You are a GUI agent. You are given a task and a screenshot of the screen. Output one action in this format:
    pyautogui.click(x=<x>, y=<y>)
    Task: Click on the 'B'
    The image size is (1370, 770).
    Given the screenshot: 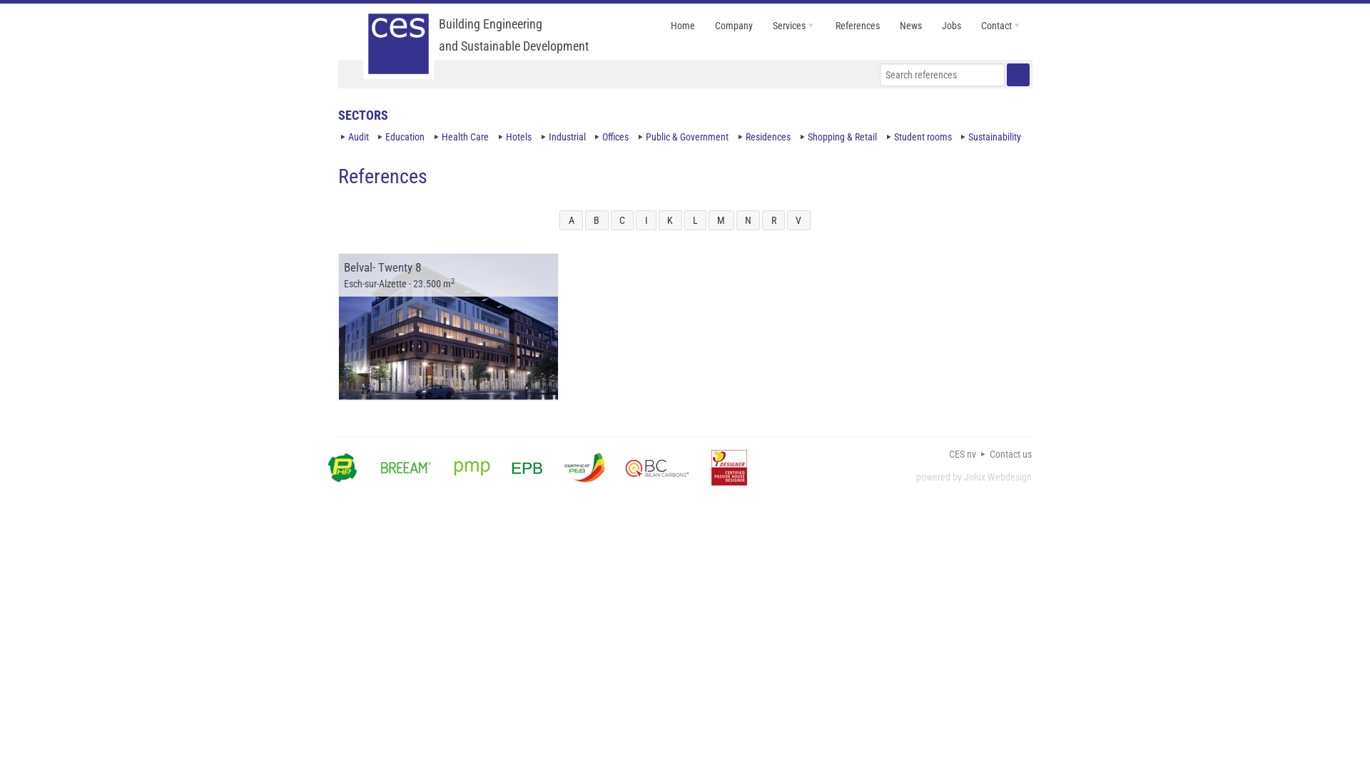 What is the action you would take?
    pyautogui.click(x=597, y=220)
    